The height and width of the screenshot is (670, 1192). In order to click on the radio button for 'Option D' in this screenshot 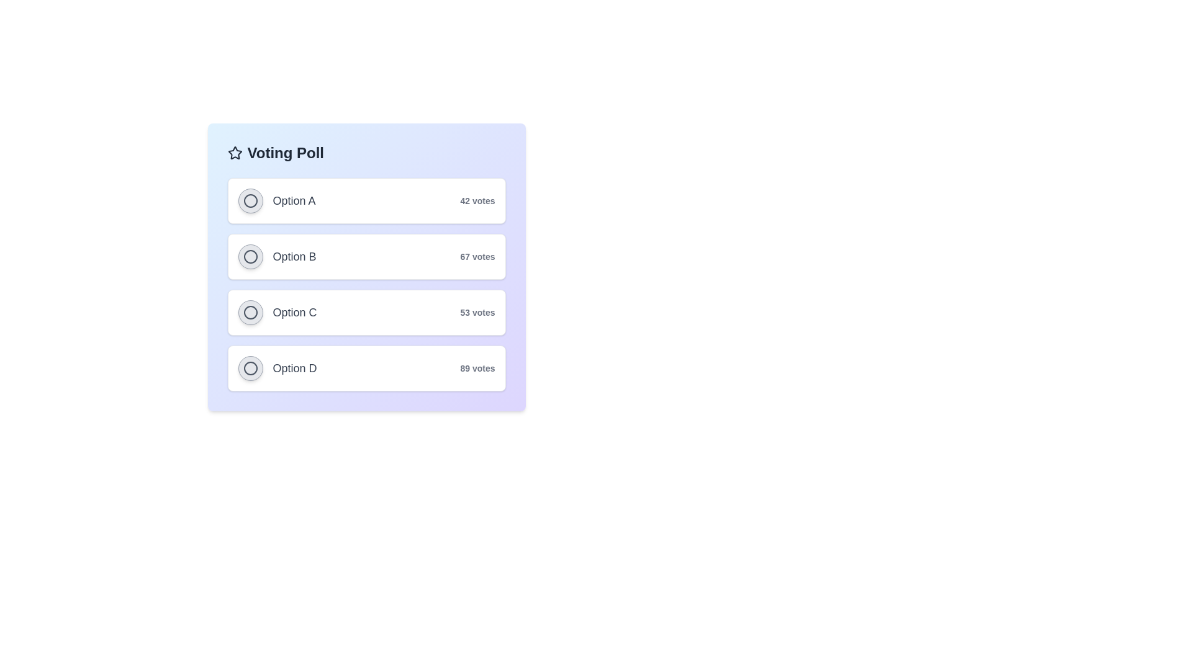, I will do `click(250, 368)`.